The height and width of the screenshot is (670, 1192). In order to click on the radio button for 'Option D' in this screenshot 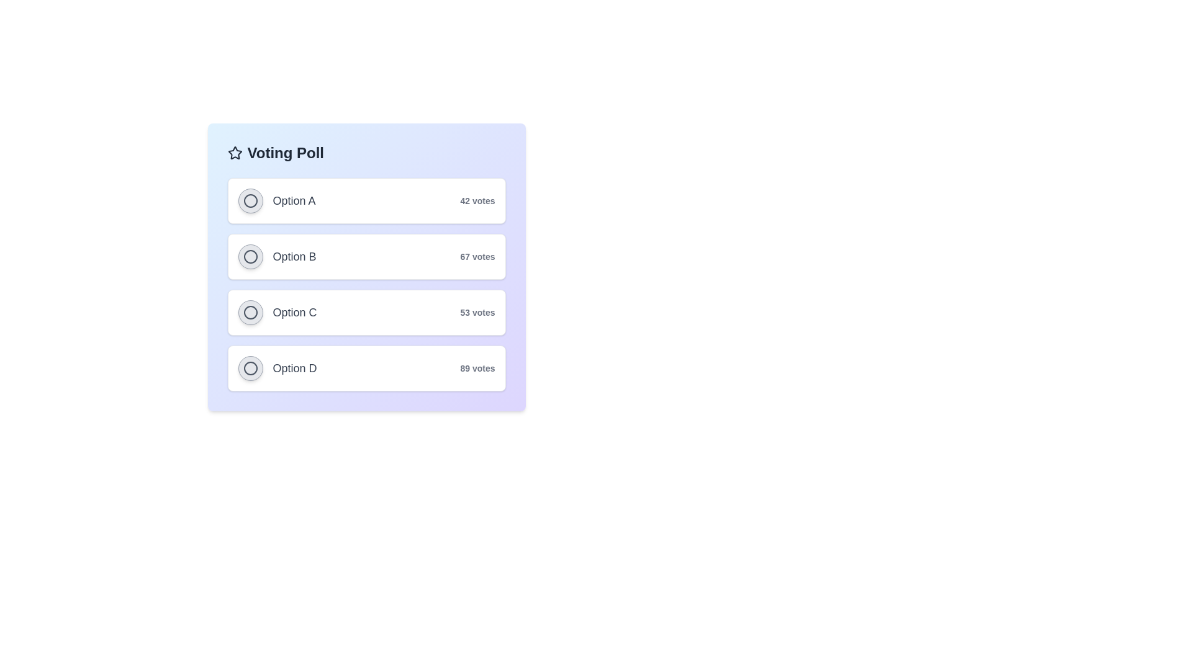, I will do `click(250, 368)`.